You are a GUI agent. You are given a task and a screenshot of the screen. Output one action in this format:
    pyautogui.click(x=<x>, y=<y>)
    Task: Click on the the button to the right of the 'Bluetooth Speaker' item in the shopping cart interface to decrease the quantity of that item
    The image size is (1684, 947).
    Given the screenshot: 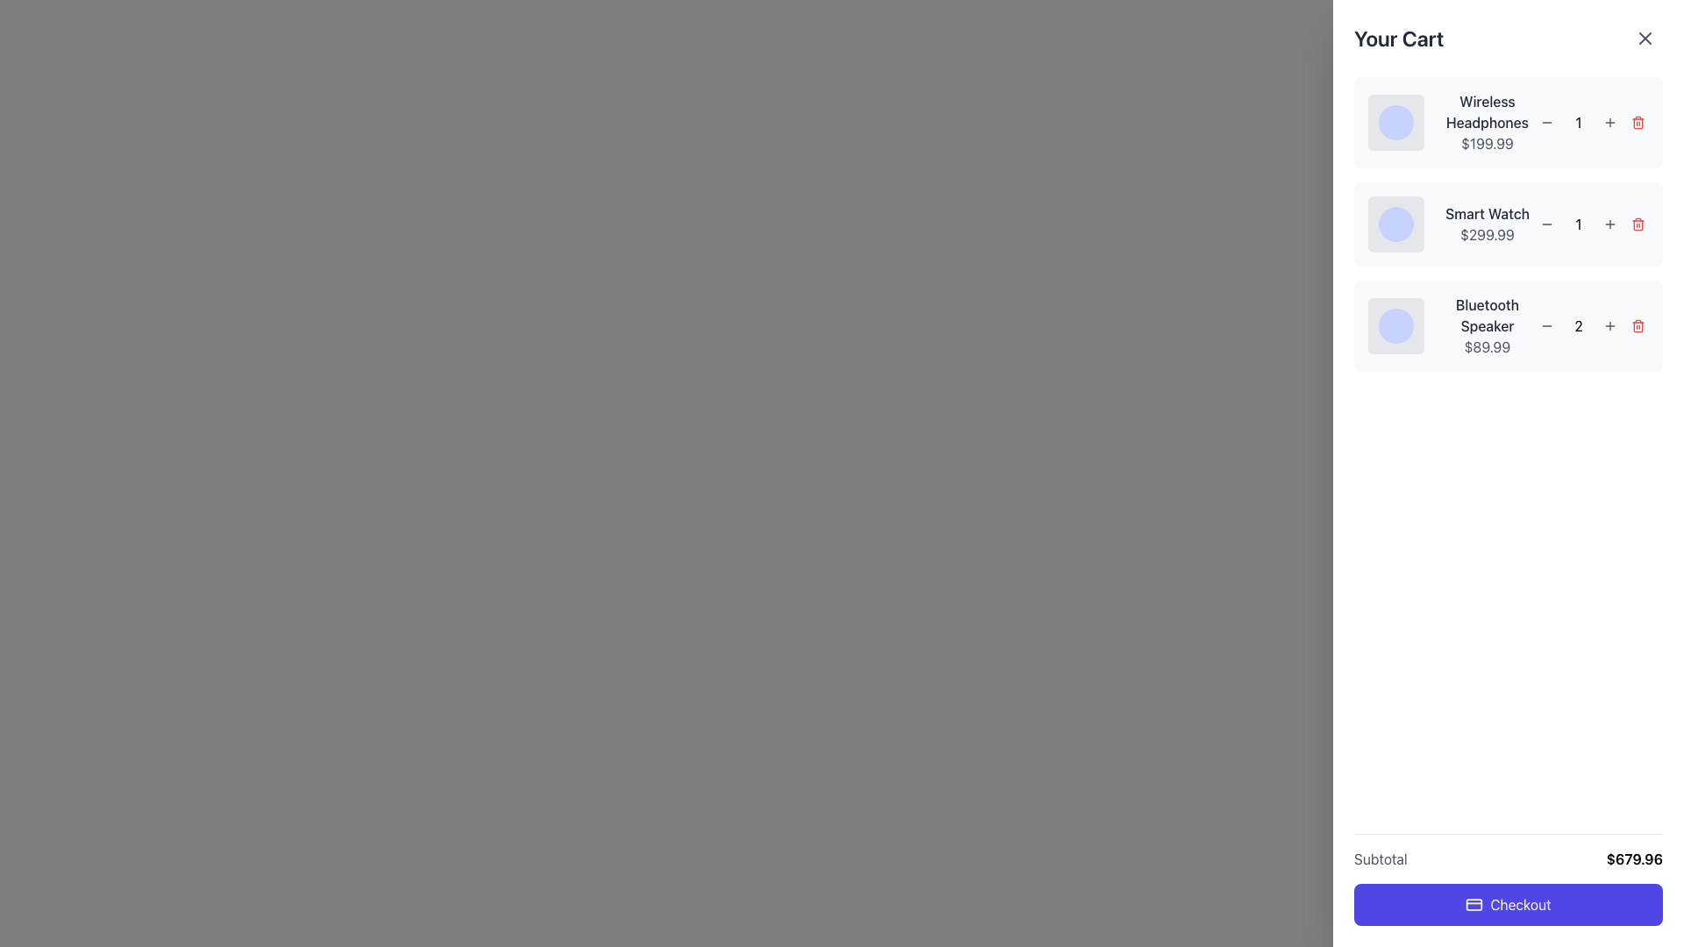 What is the action you would take?
    pyautogui.click(x=1546, y=325)
    